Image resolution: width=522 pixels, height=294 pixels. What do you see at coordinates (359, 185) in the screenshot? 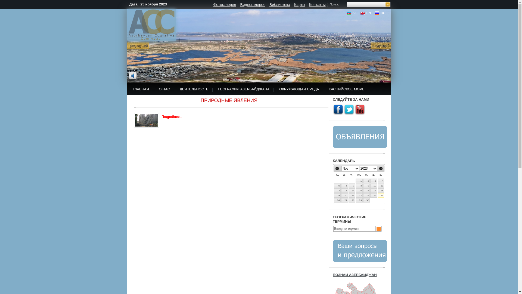
I see `'8'` at bounding box center [359, 185].